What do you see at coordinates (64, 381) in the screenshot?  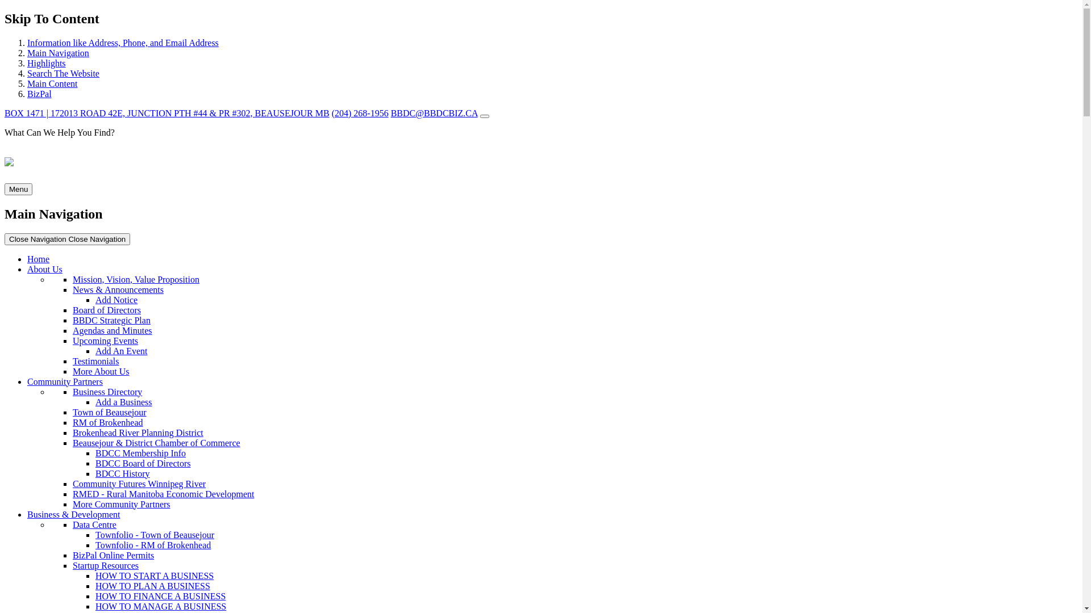 I see `'Community Partners'` at bounding box center [64, 381].